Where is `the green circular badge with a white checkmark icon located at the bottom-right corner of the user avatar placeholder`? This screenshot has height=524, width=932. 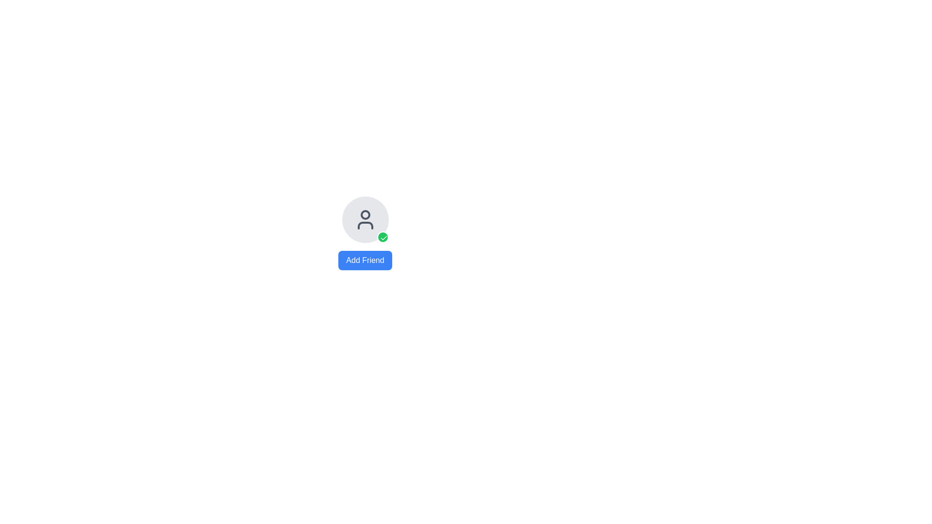 the green circular badge with a white checkmark icon located at the bottom-right corner of the user avatar placeholder is located at coordinates (383, 238).